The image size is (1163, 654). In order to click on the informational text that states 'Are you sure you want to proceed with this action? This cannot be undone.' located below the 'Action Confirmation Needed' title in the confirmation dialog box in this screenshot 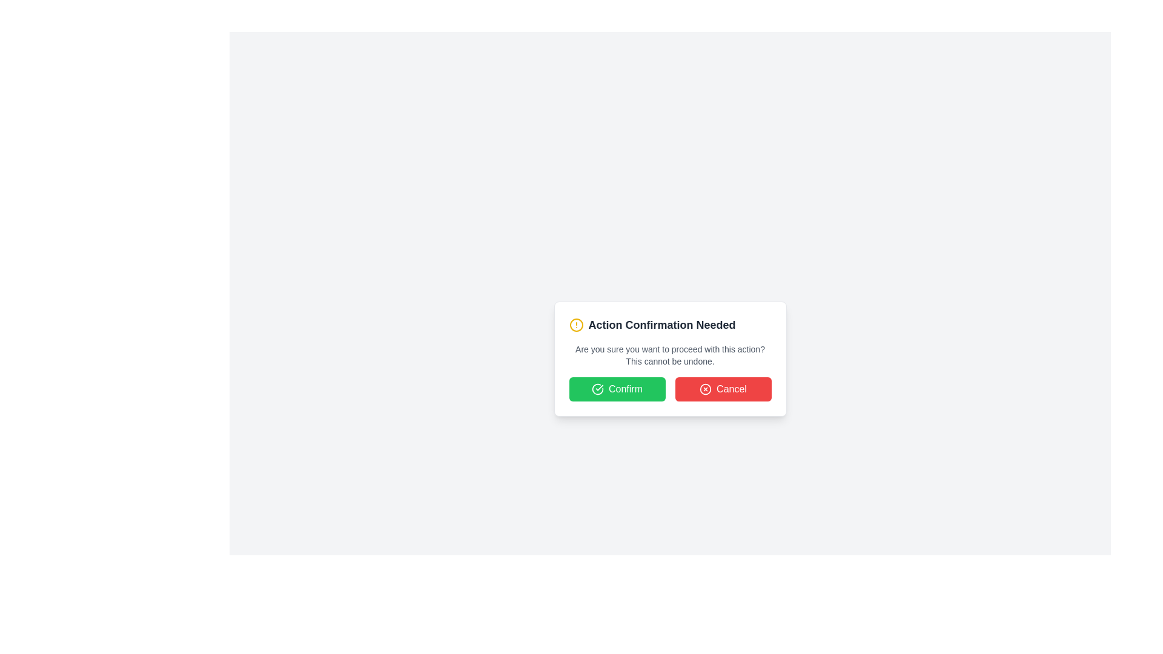, I will do `click(669, 354)`.